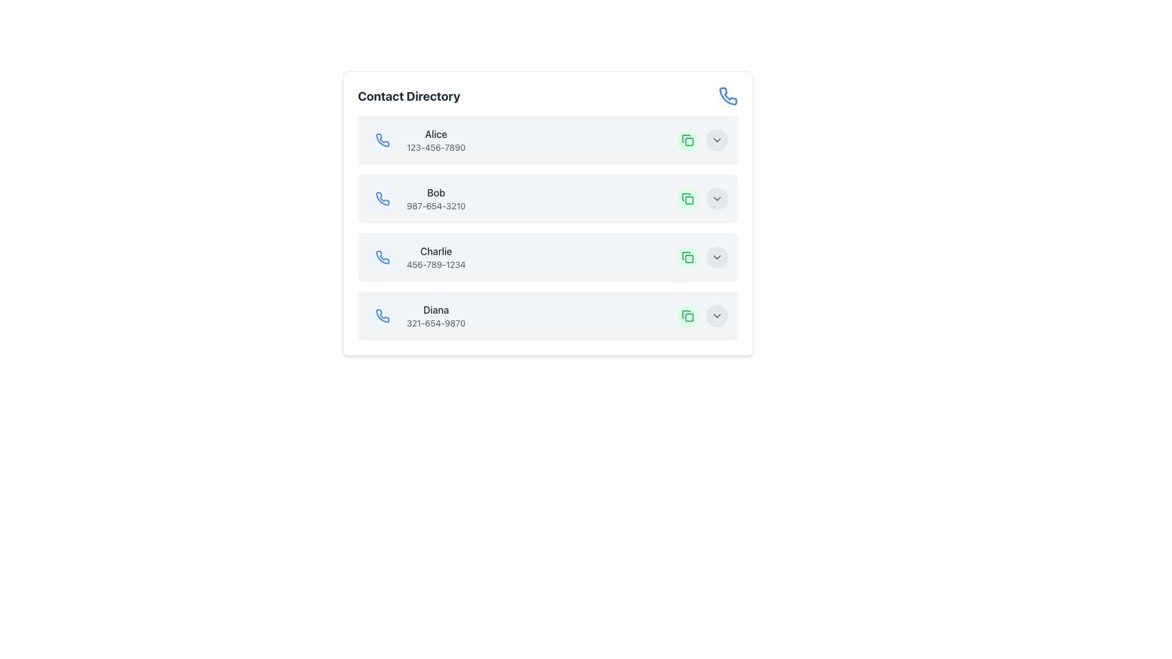  What do you see at coordinates (382, 140) in the screenshot?
I see `the blue phone receiver icon located at the far left of the row containing 'Alice' and '123-456-7890'` at bounding box center [382, 140].